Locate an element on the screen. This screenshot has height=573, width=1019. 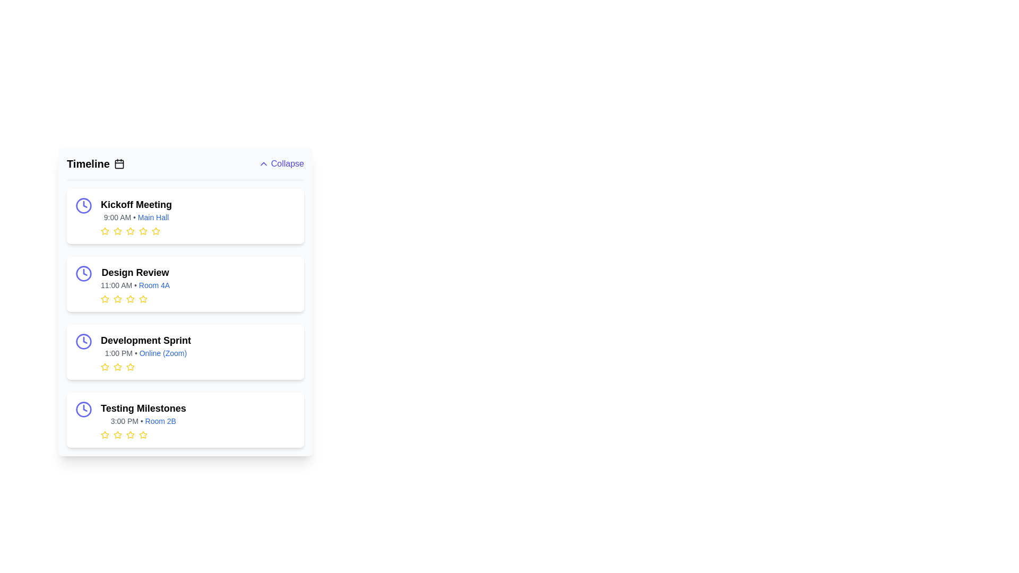
the fifth star-shaped icon with a yellow outline located below the 'Kickoff Meeting' section is located at coordinates (129, 230).